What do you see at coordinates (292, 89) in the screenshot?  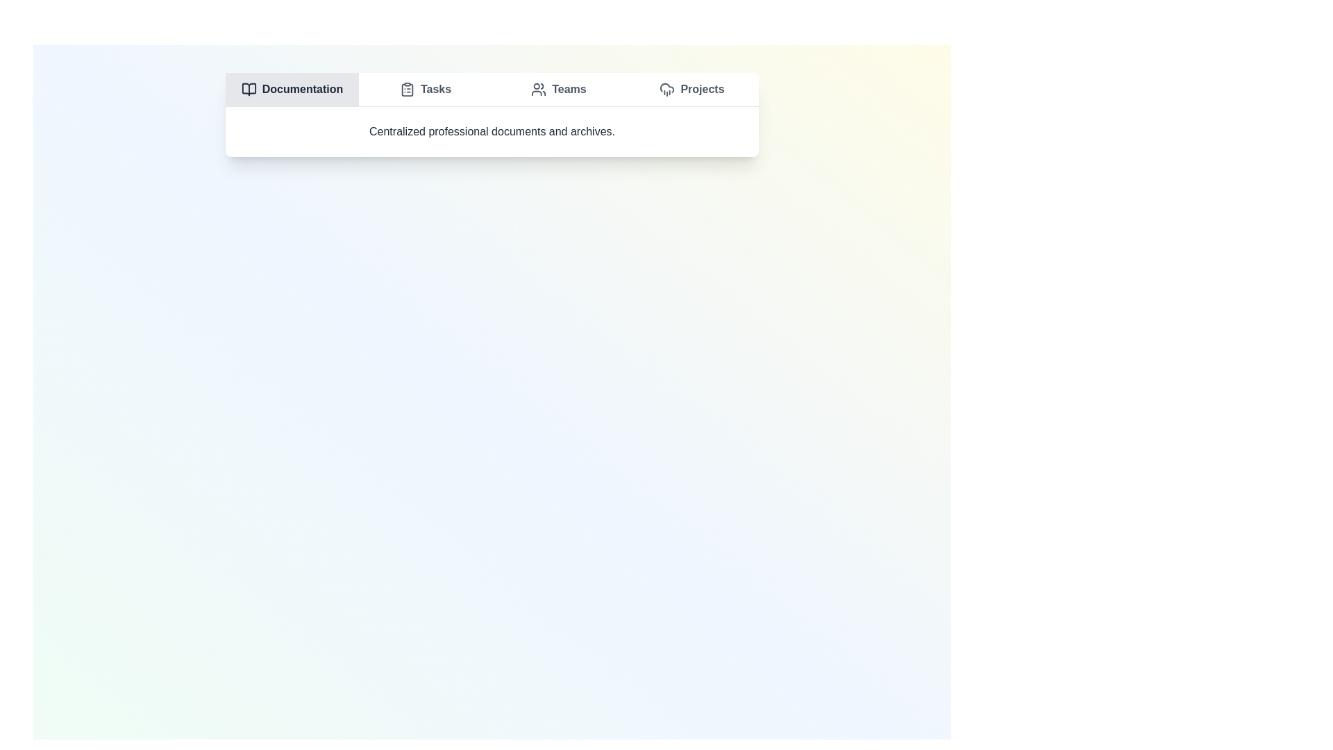 I see `the tab labeled Documentation` at bounding box center [292, 89].